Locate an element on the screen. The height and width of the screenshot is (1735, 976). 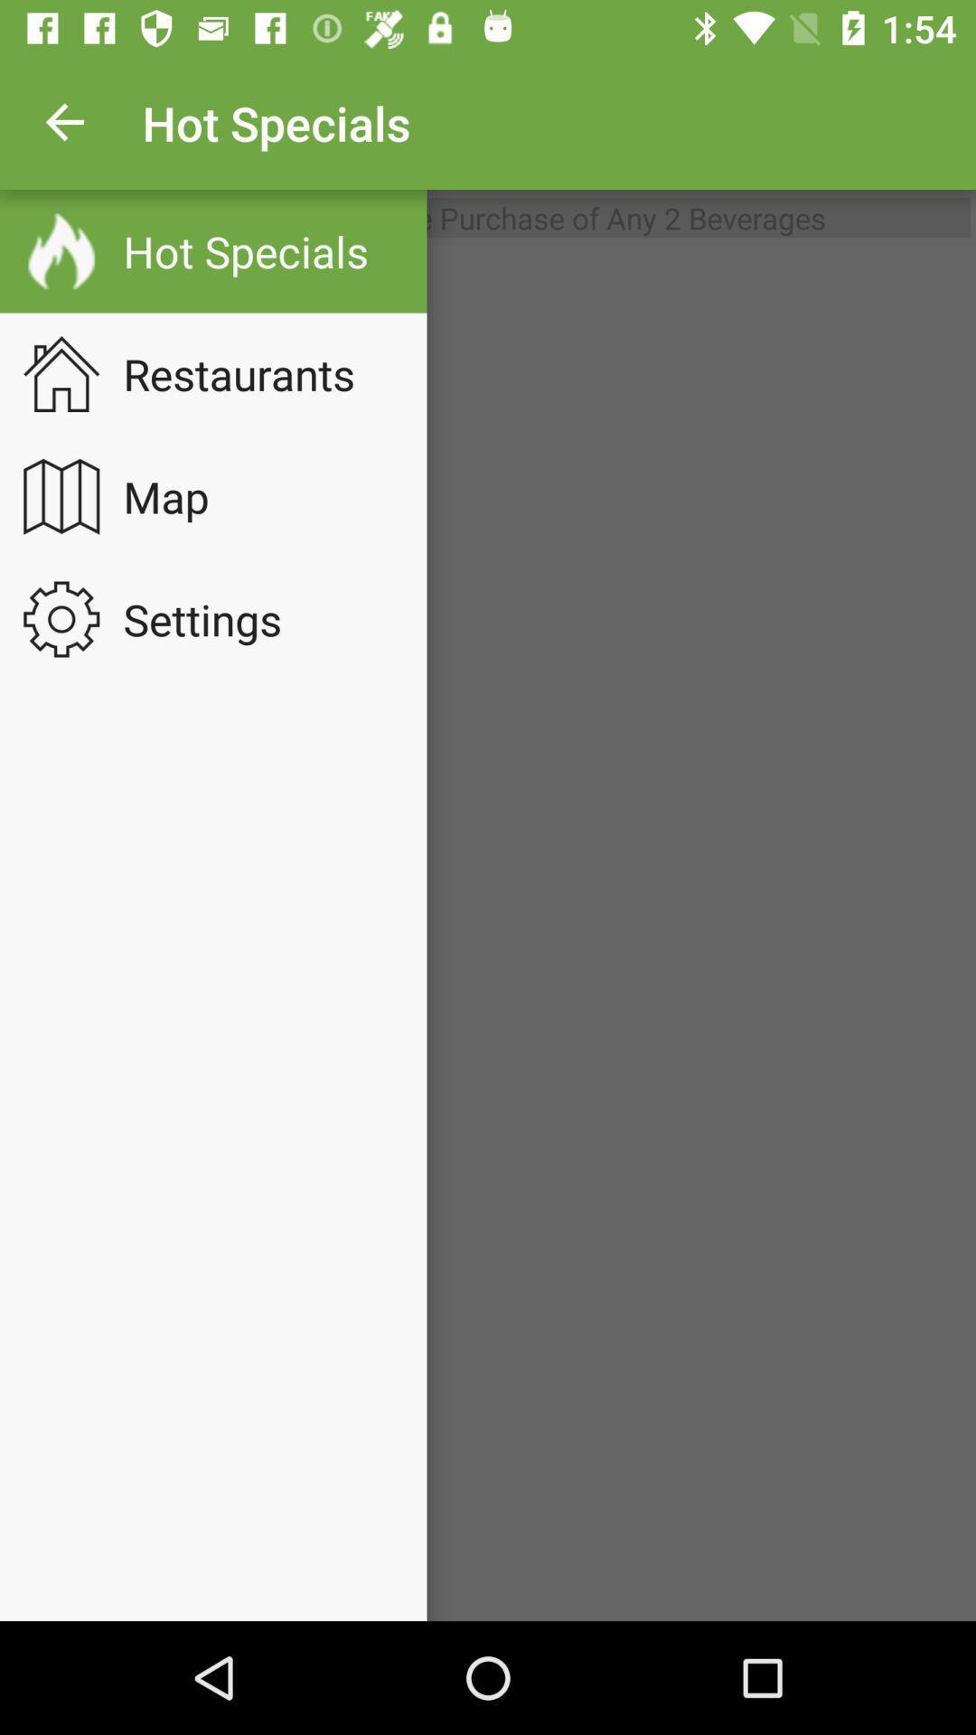
the restaurants is located at coordinates (250, 372).